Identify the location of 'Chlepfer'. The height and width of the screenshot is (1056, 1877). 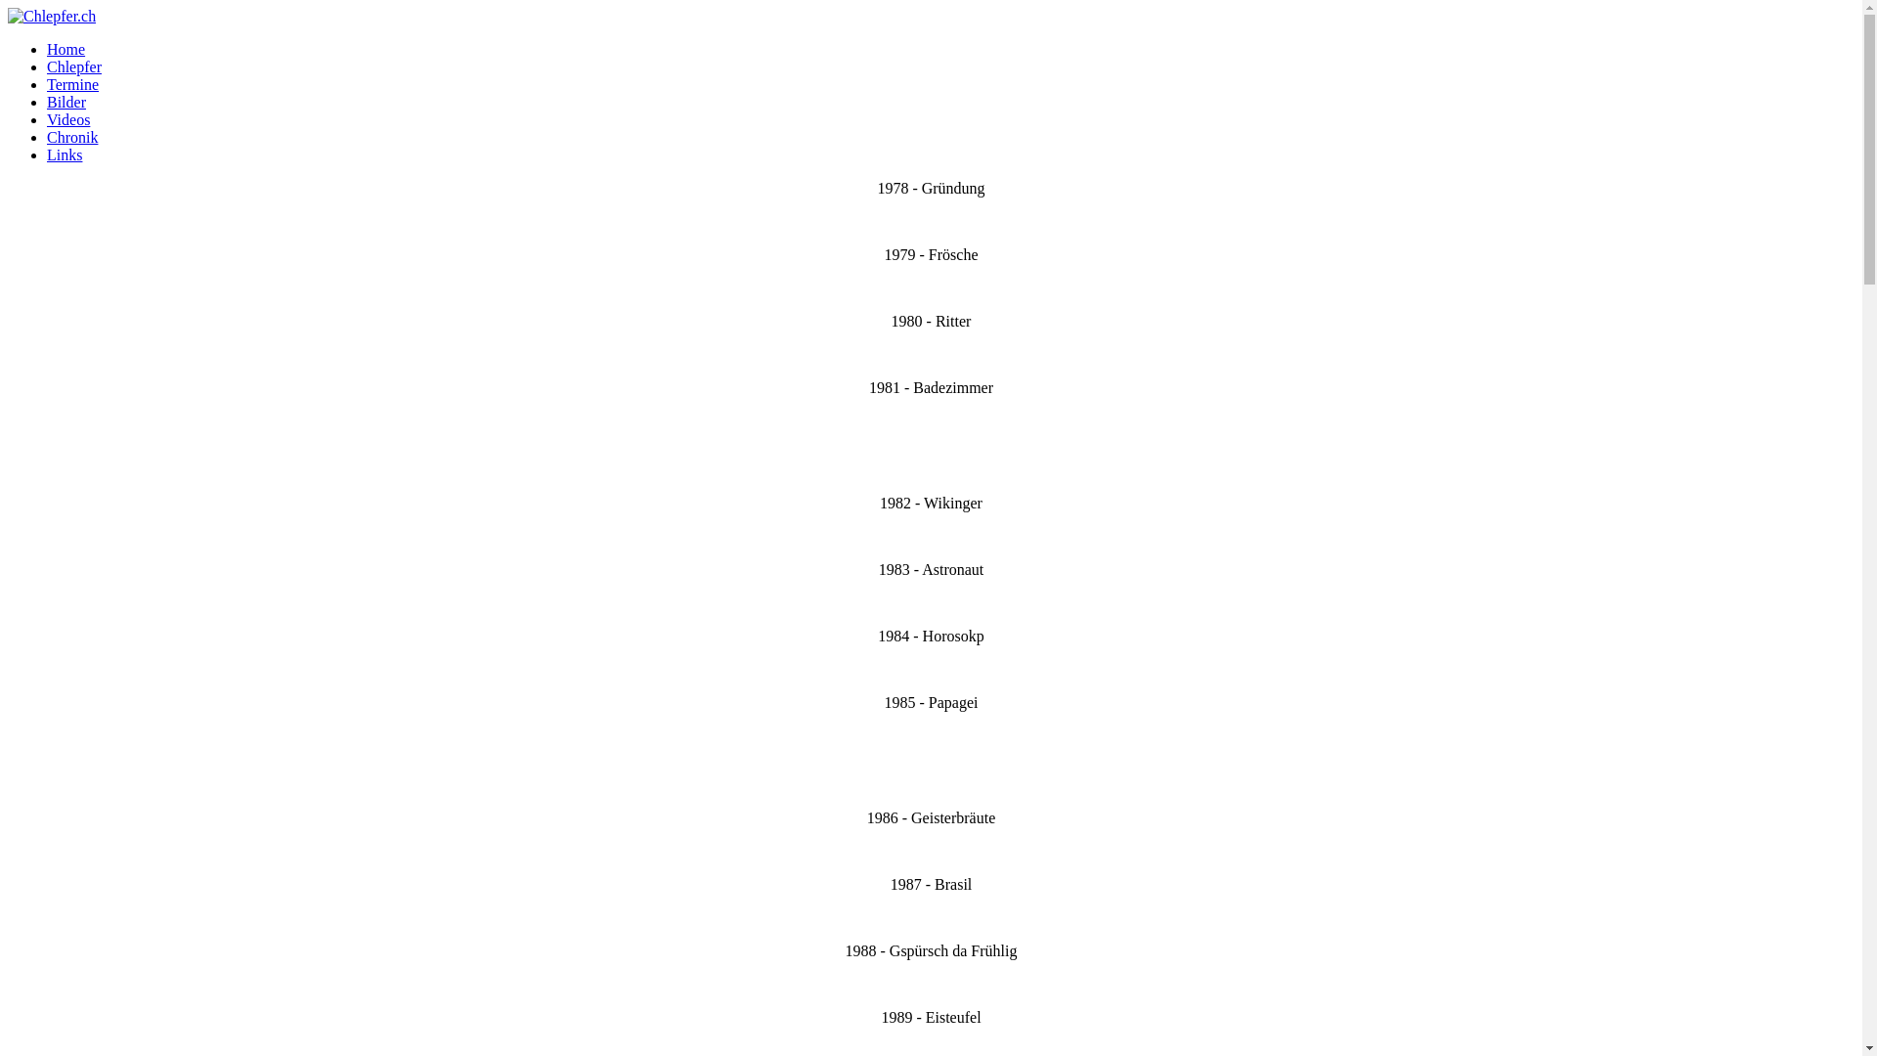
(74, 66).